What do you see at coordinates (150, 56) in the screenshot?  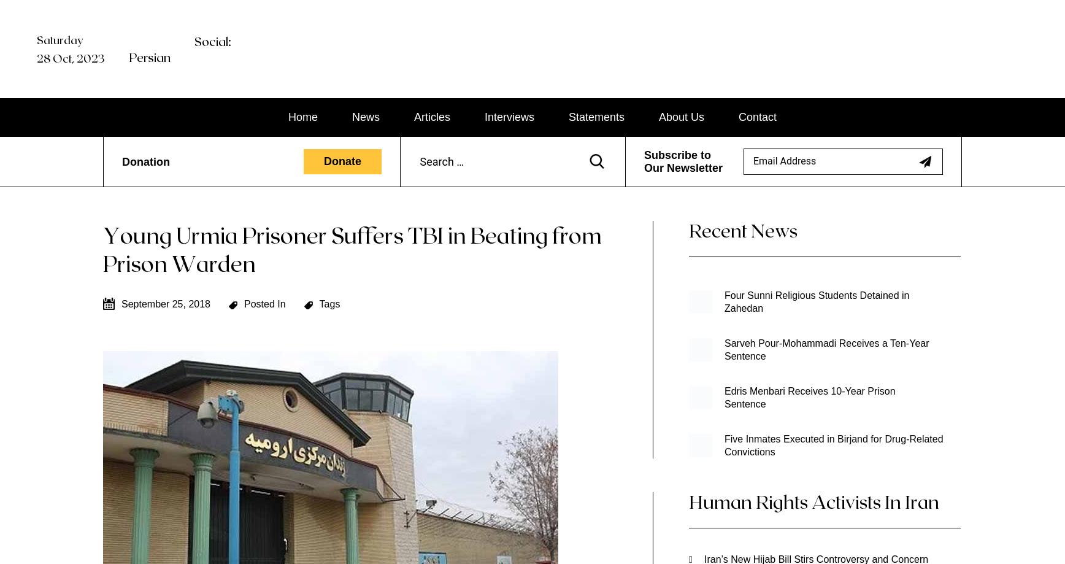 I see `'Persian'` at bounding box center [150, 56].